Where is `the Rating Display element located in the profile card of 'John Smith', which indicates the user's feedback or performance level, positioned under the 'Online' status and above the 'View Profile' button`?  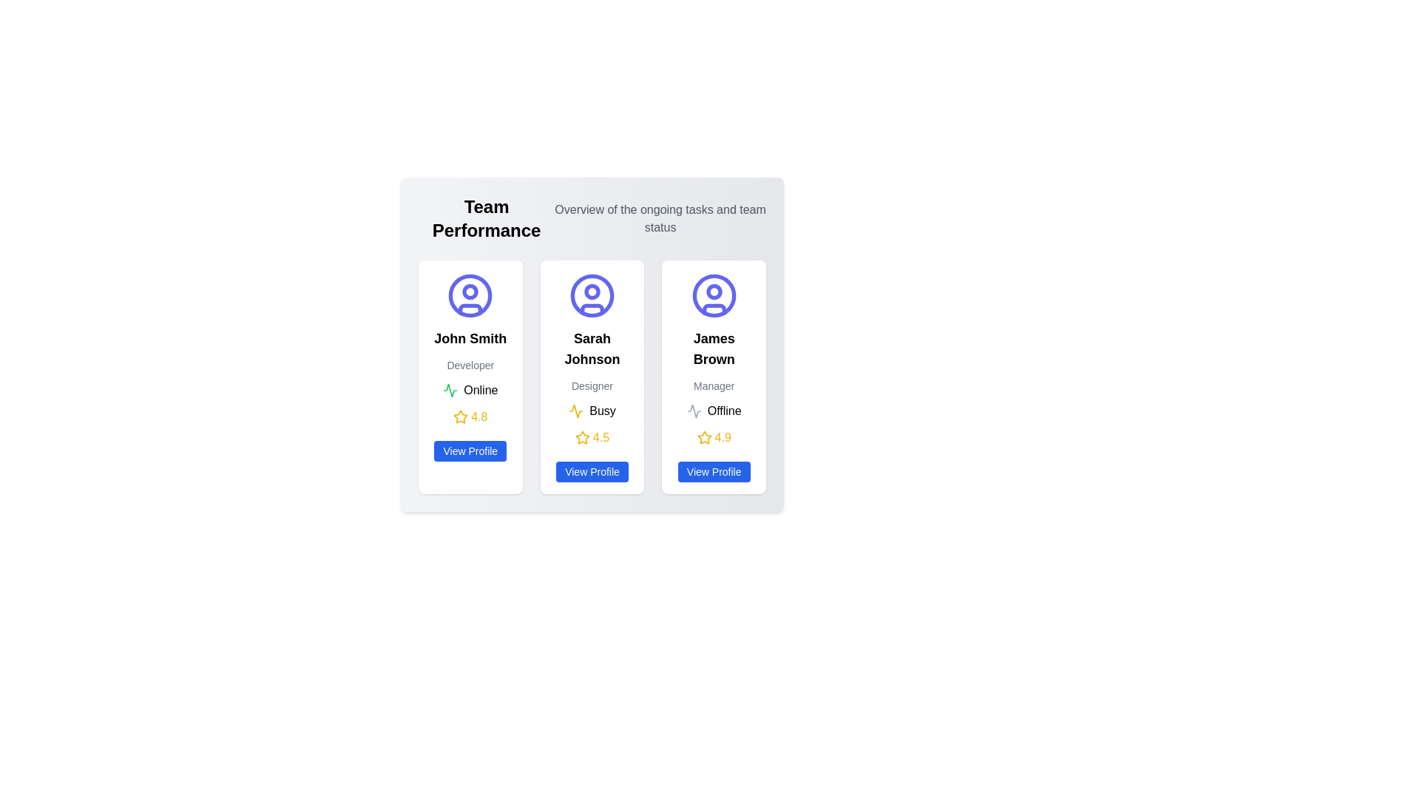
the Rating Display element located in the profile card of 'John Smith', which indicates the user's feedback or performance level, positioned under the 'Online' status and above the 'View Profile' button is located at coordinates (470, 417).